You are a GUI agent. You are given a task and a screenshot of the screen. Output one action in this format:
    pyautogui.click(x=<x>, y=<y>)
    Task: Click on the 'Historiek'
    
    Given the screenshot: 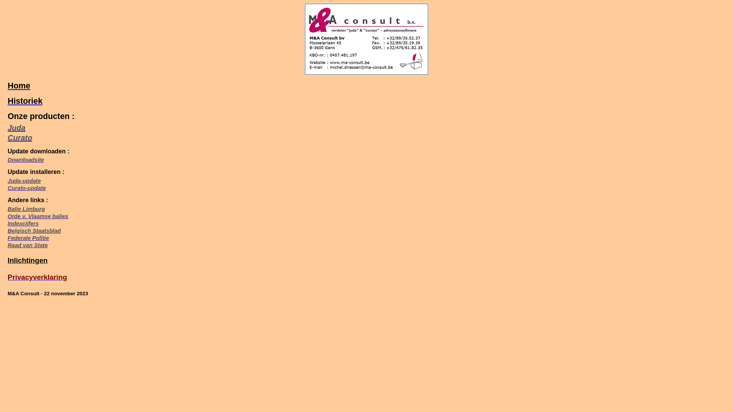 What is the action you would take?
    pyautogui.click(x=25, y=101)
    